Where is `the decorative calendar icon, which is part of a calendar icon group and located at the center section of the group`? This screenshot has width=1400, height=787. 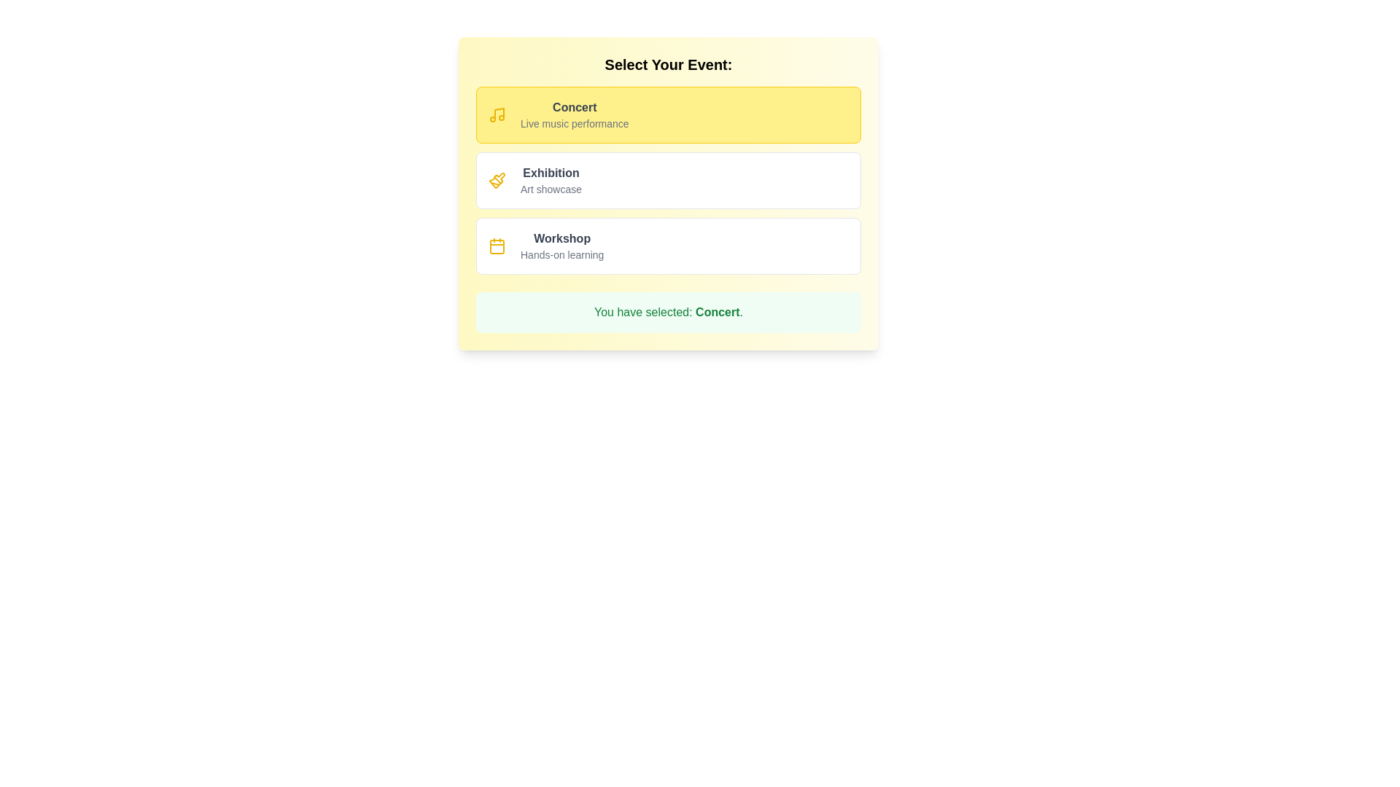 the decorative calendar icon, which is part of a calendar icon group and located at the center section of the group is located at coordinates (497, 246).